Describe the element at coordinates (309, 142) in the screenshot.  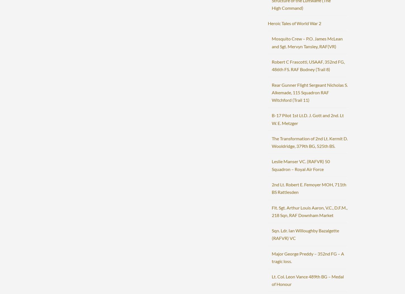
I see `'The Transformation of 2nd Lt. Kermit D. Wooldridge, 379th BG, 525th BS.'` at that location.